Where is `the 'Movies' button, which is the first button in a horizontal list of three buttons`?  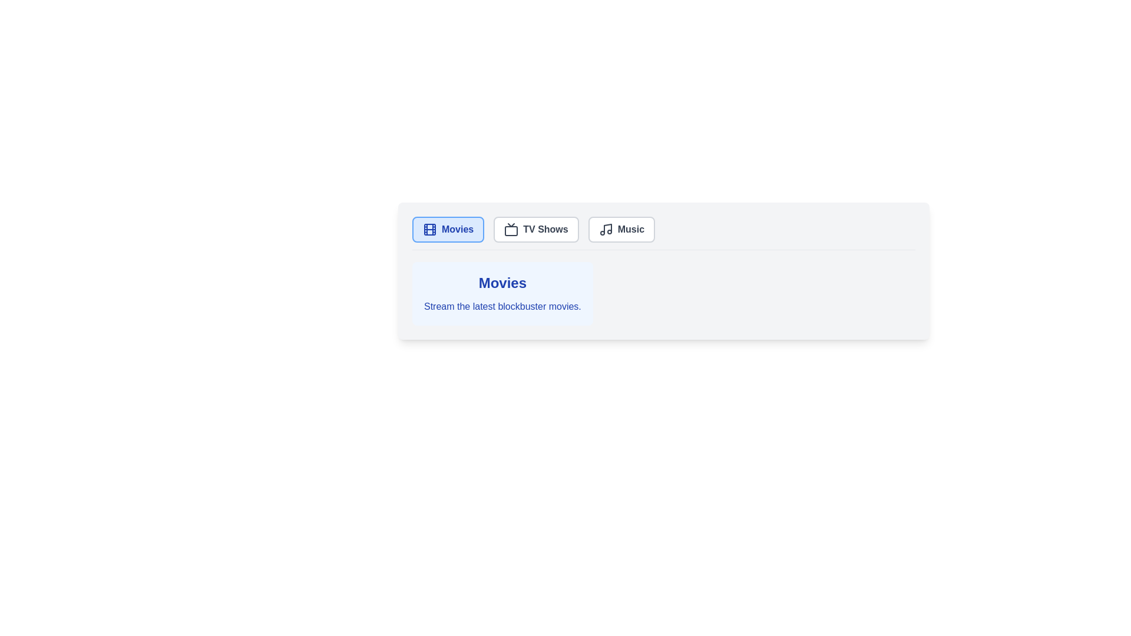
the 'Movies' button, which is the first button in a horizontal list of three buttons is located at coordinates (448, 229).